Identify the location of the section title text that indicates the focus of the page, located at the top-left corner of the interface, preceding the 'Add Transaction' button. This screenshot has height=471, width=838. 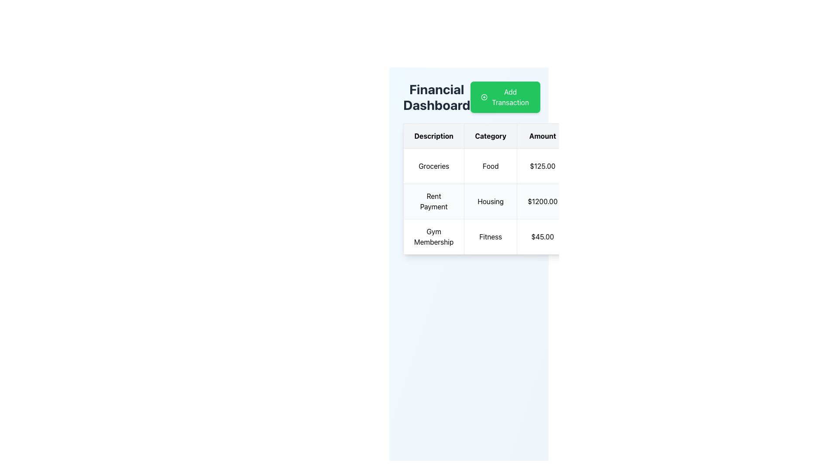
(436, 97).